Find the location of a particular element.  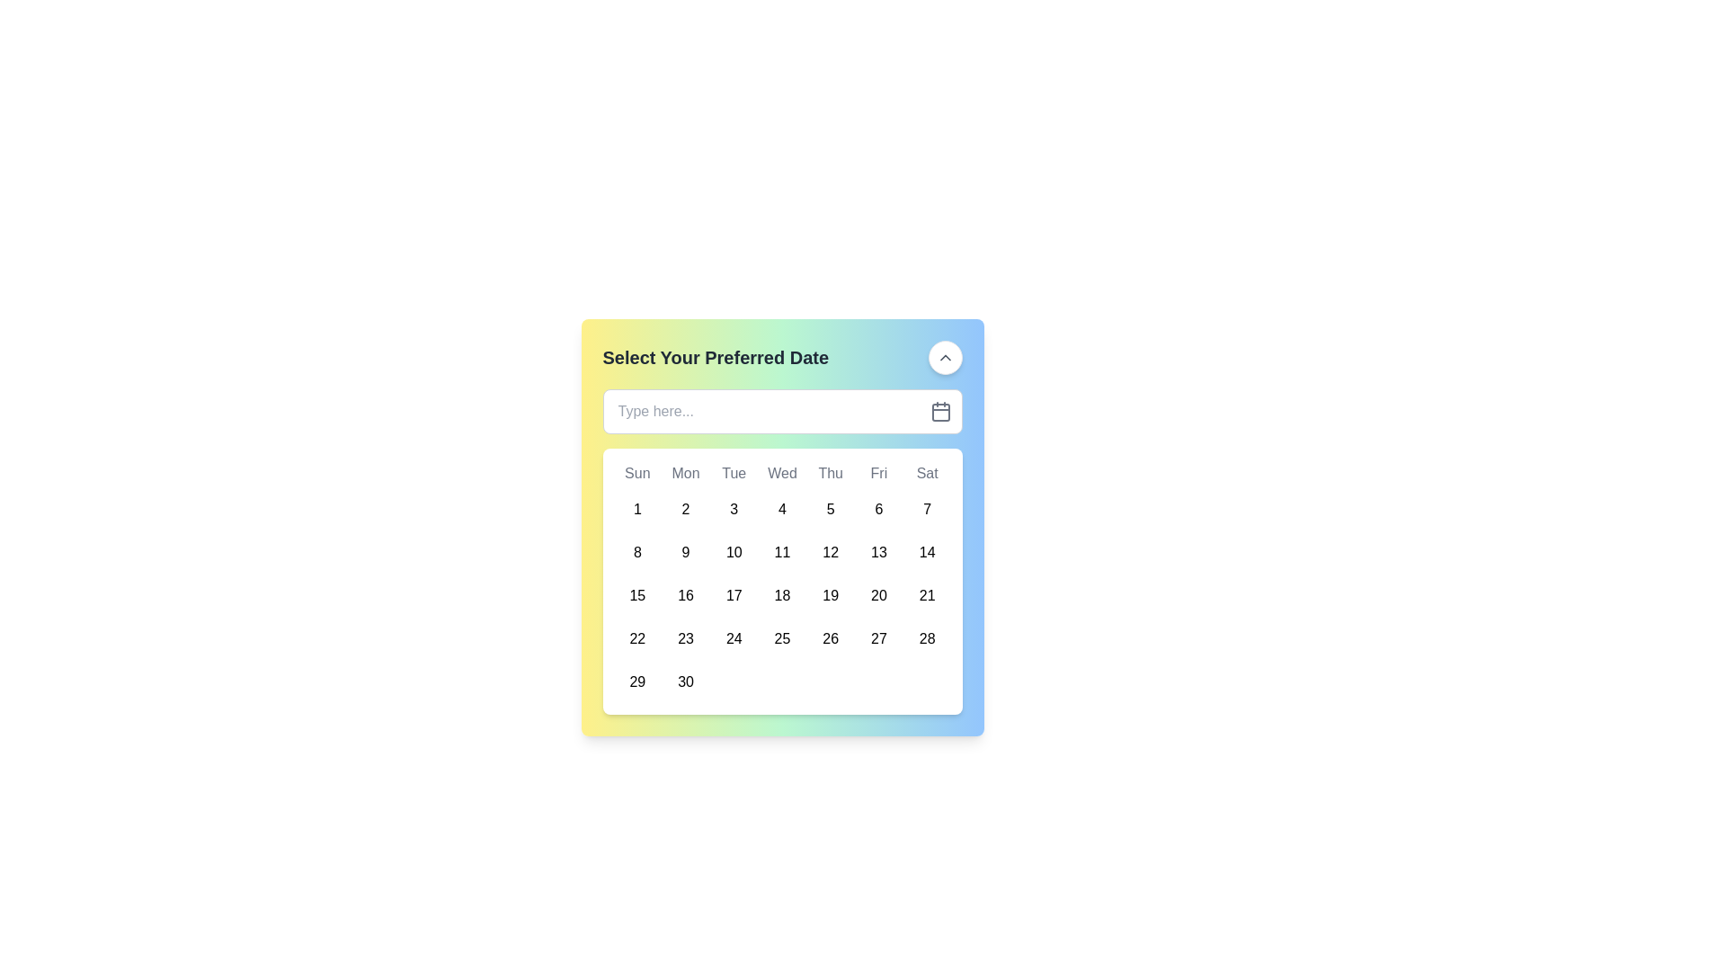

the selectable date option button for Wednesday in the calendar interface to visualize hover effects is located at coordinates (685, 596).